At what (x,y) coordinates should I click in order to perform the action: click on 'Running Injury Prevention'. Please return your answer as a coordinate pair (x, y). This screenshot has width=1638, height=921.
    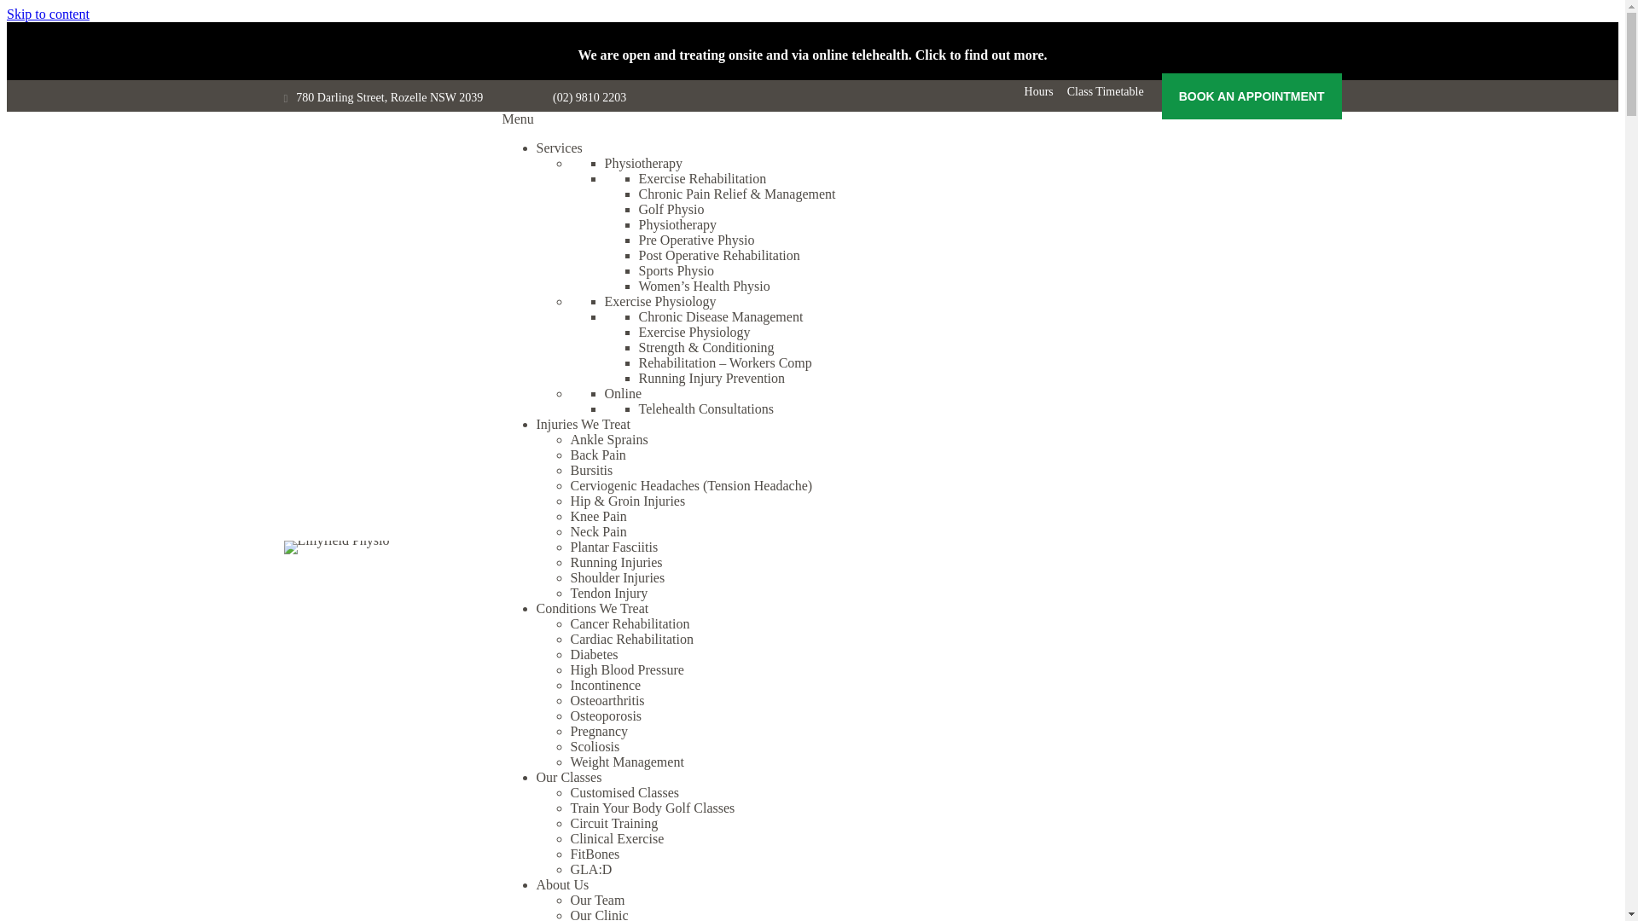
    Looking at the image, I should click on (712, 377).